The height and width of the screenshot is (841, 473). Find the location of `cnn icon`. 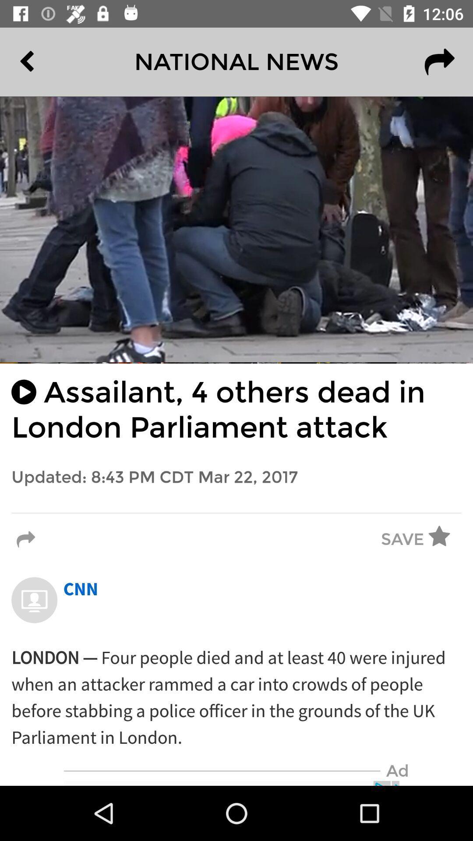

cnn icon is located at coordinates (81, 590).